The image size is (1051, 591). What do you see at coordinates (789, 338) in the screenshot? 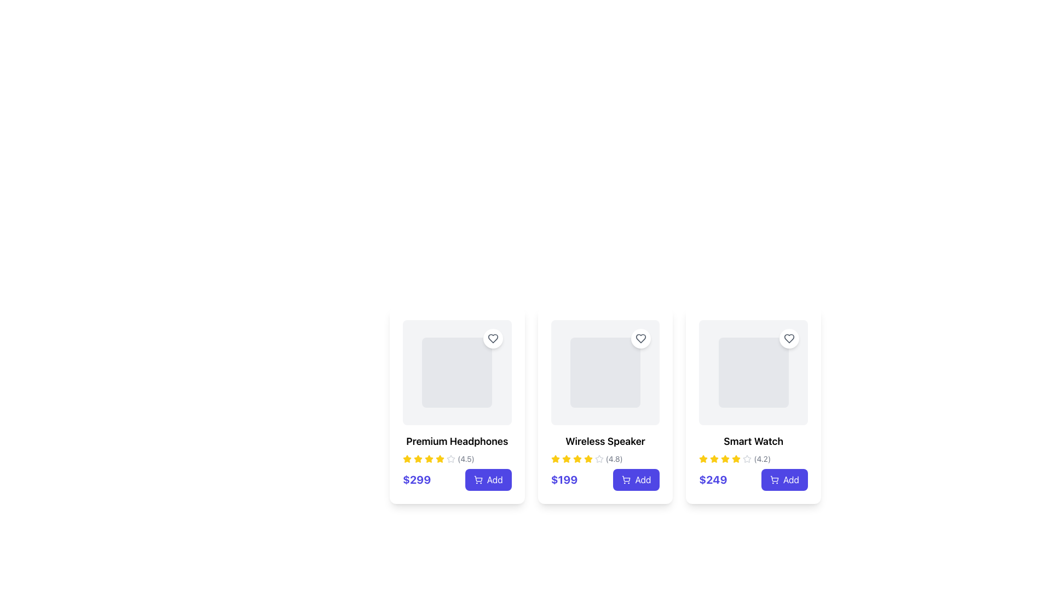
I see `the heart-shaped icon in the top-right corner of the third product card featuring the 'Smart Watch' to trigger additional tooltip or animation` at bounding box center [789, 338].